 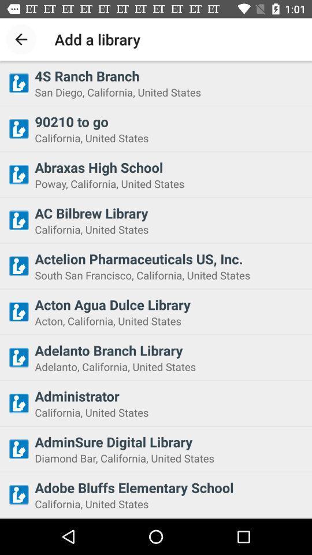 I want to click on icon below the abraxas high school item, so click(x=169, y=183).